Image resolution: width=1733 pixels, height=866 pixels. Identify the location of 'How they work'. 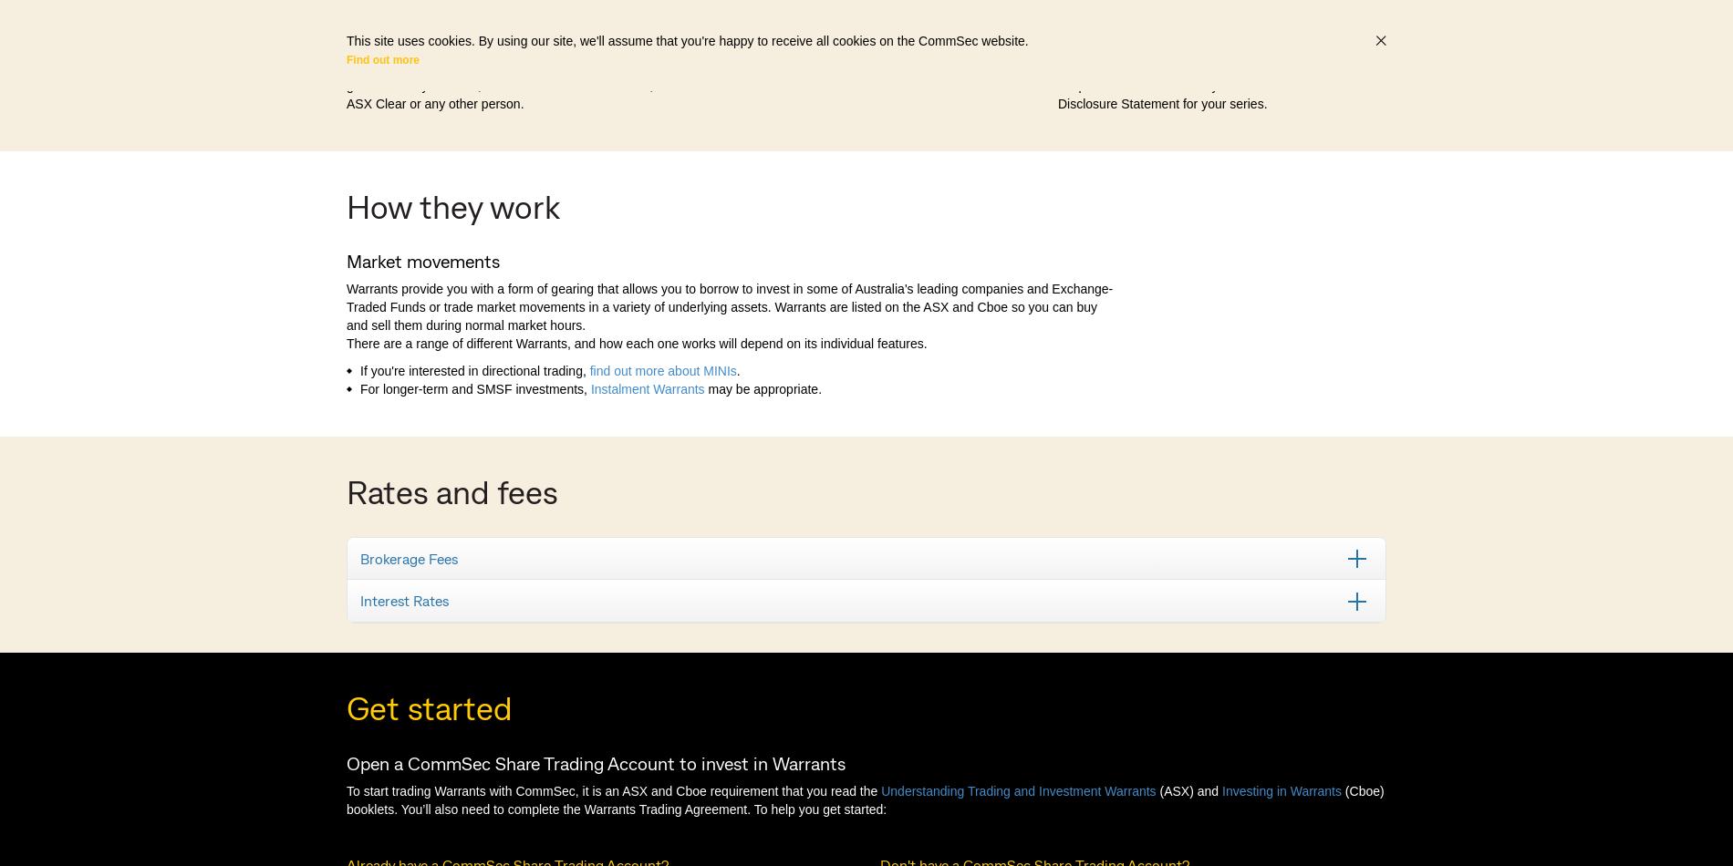
(453, 204).